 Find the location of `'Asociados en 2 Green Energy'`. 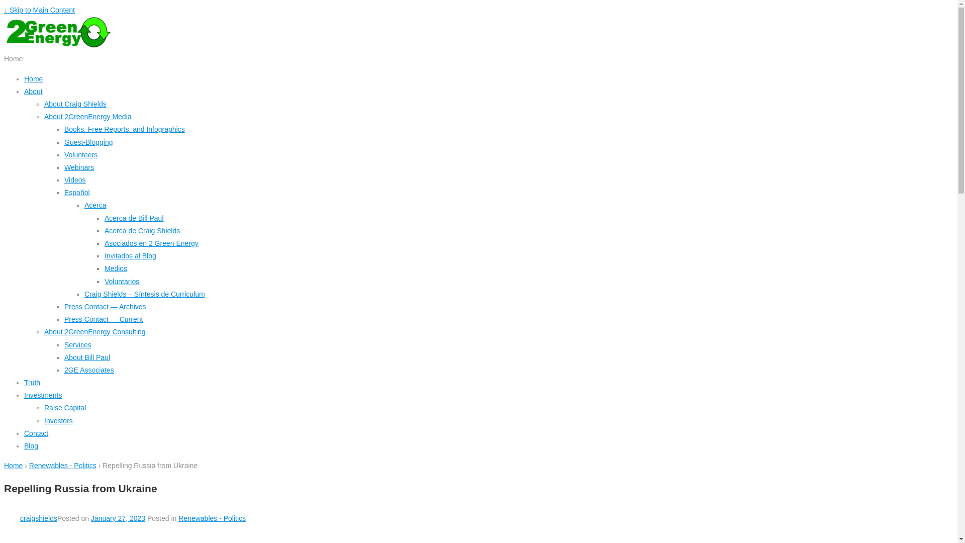

'Asociados en 2 Green Energy' is located at coordinates (151, 243).